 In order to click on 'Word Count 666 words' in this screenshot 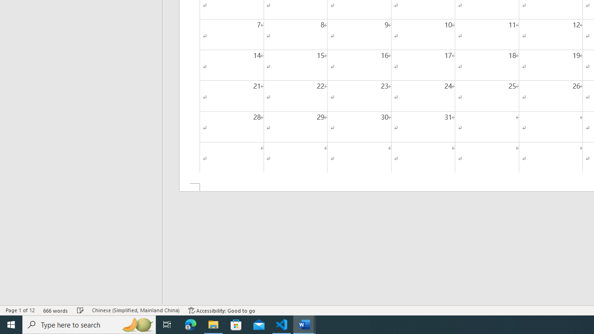, I will do `click(55, 310)`.